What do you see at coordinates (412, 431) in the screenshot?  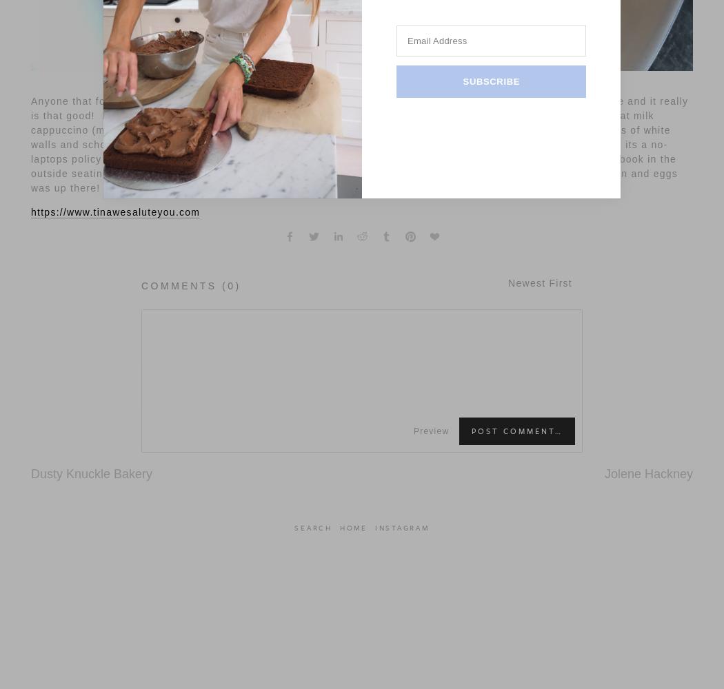 I see `'Preview'` at bounding box center [412, 431].